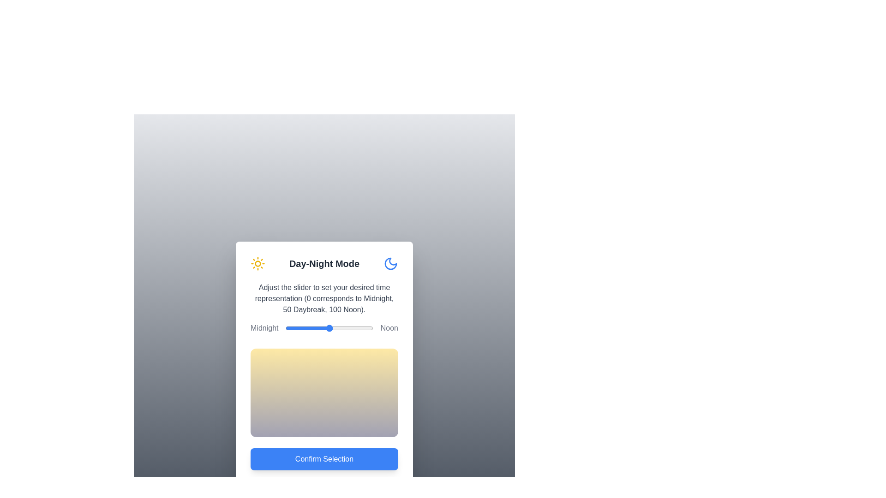 This screenshot has height=498, width=886. What do you see at coordinates (285, 328) in the screenshot?
I see `the slider to set the time representation to 0, observing the gradient change` at bounding box center [285, 328].